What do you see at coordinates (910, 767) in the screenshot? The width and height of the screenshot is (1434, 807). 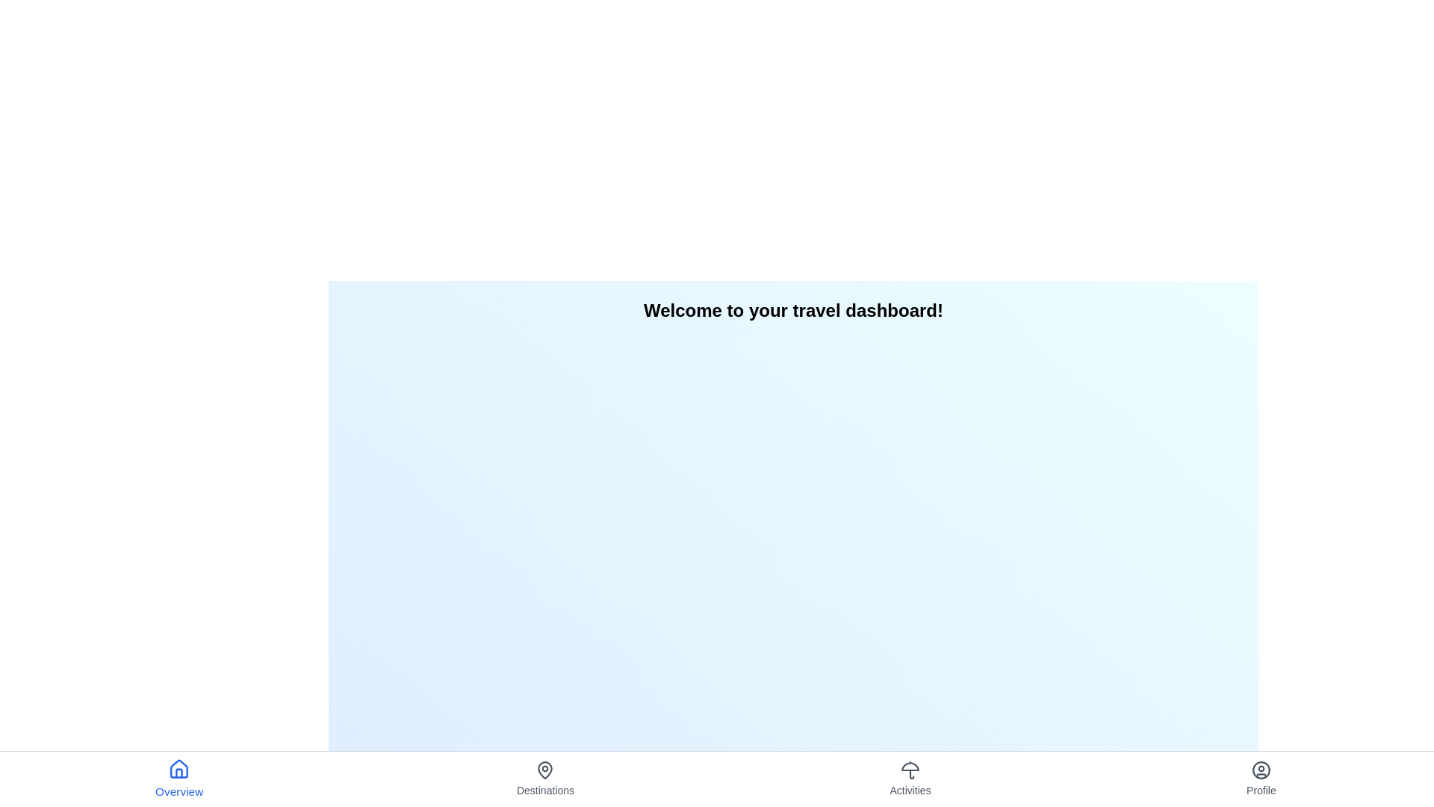 I see `the top curved line of the umbrella icon located in the middle of the 'Activities' tab in the bottom navigation bar` at bounding box center [910, 767].